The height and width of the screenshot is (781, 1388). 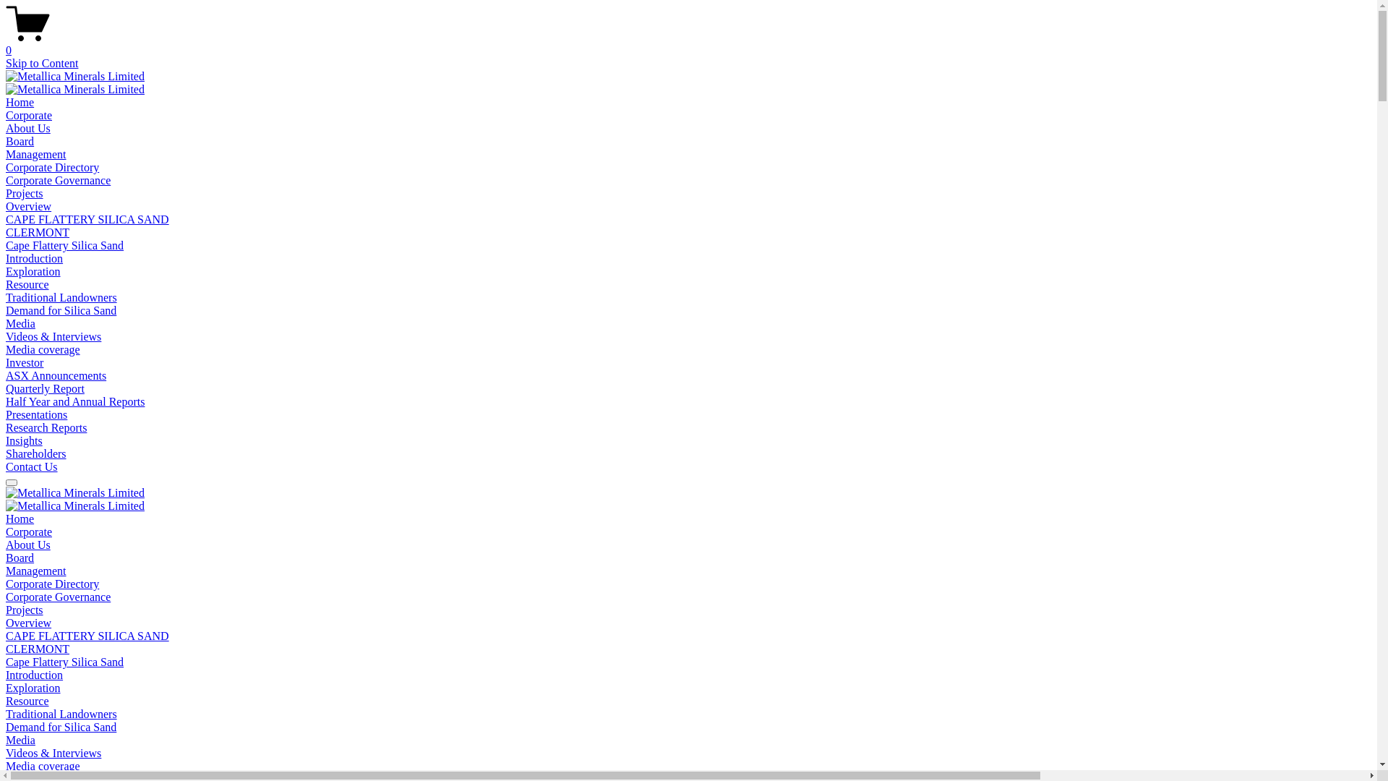 What do you see at coordinates (53, 336) in the screenshot?
I see `'Videos & Interviews'` at bounding box center [53, 336].